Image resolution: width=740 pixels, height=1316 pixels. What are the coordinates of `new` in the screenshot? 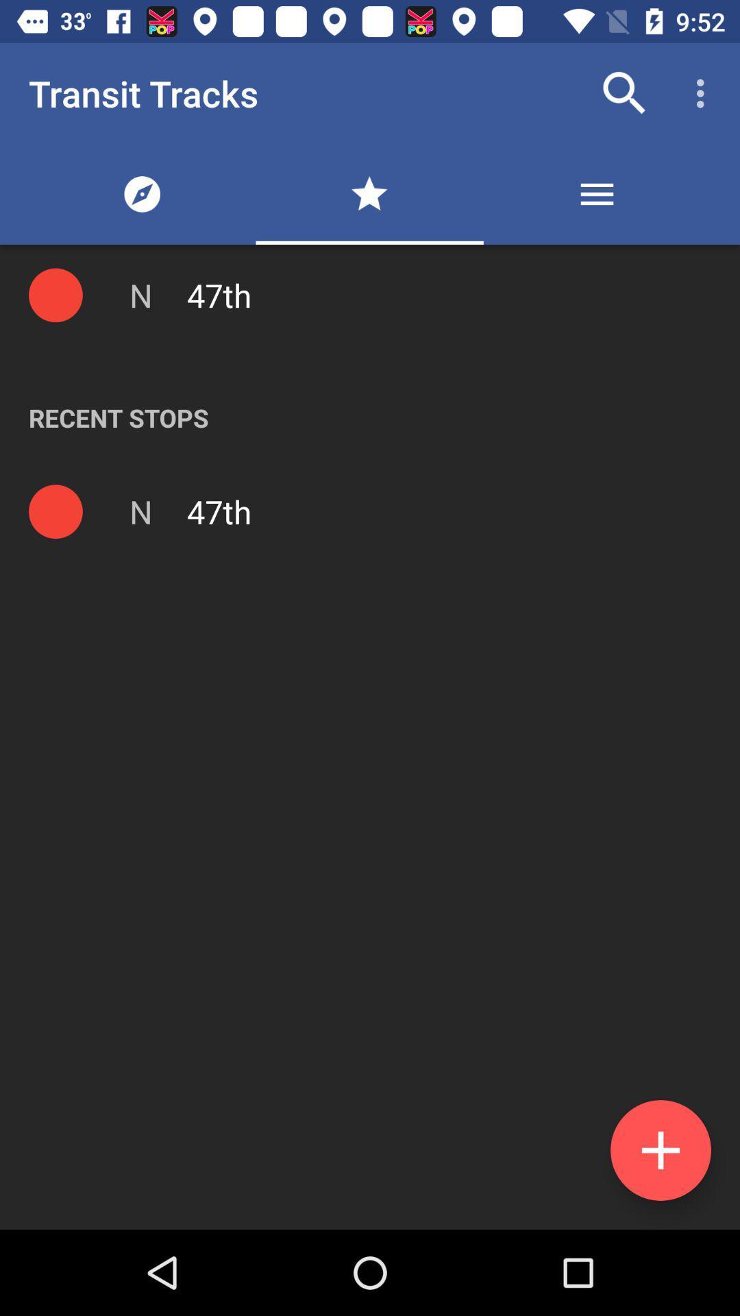 It's located at (660, 1150).